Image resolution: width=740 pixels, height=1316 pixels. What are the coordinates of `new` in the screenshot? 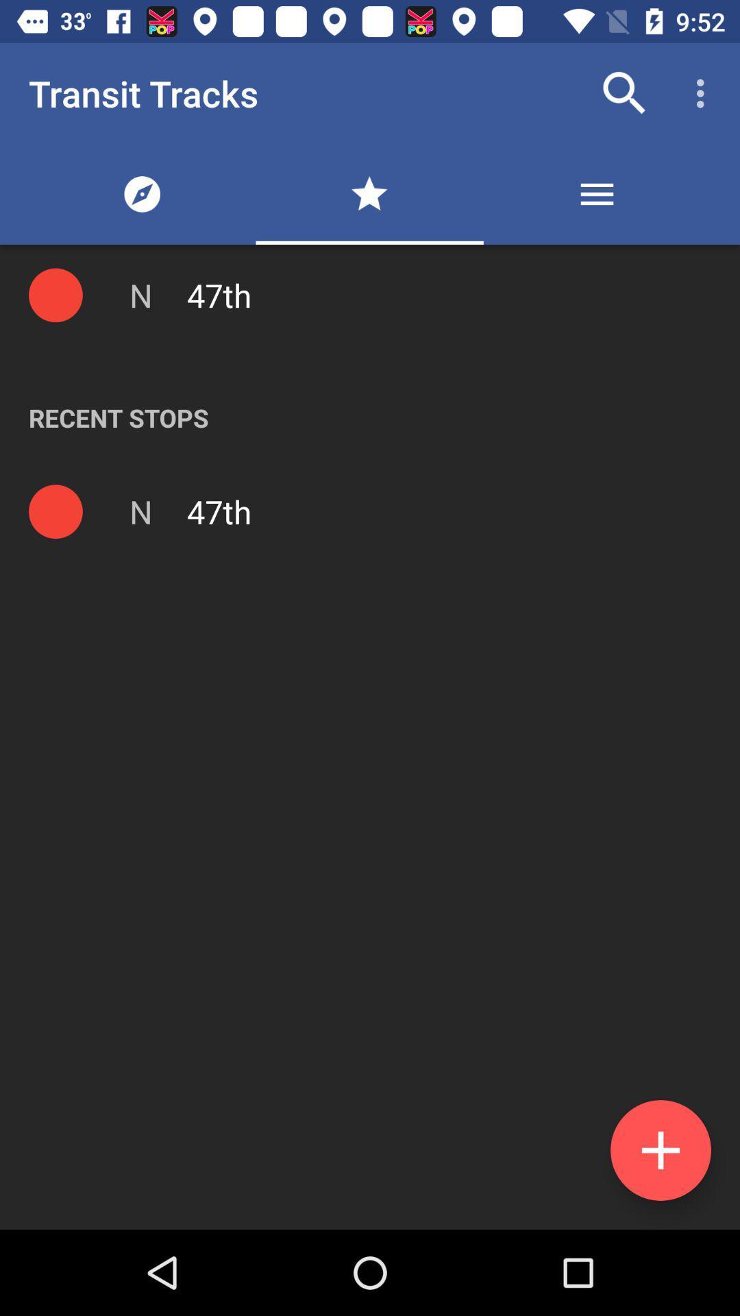 It's located at (660, 1150).